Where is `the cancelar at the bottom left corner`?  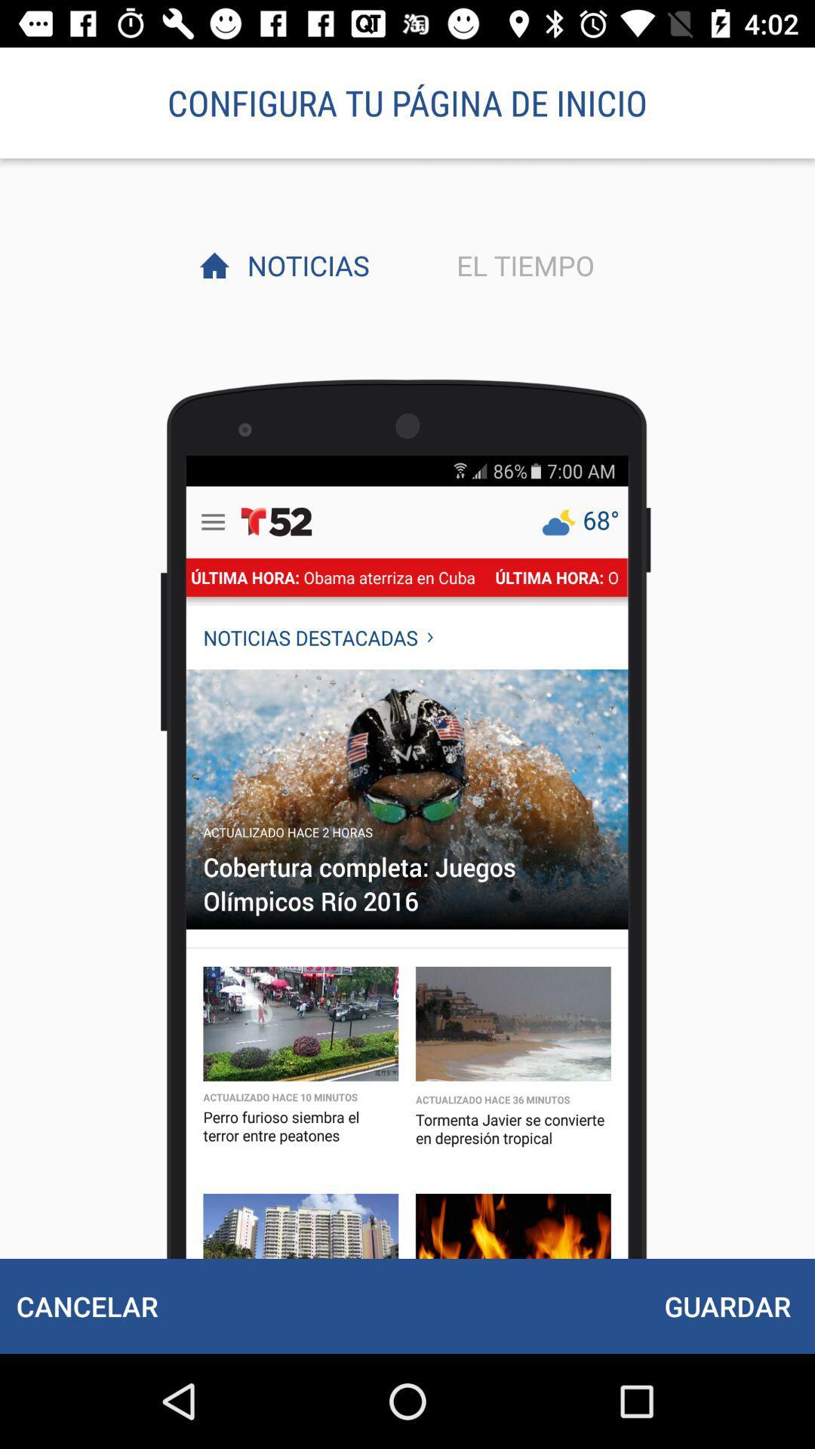
the cancelar at the bottom left corner is located at coordinates (87, 1306).